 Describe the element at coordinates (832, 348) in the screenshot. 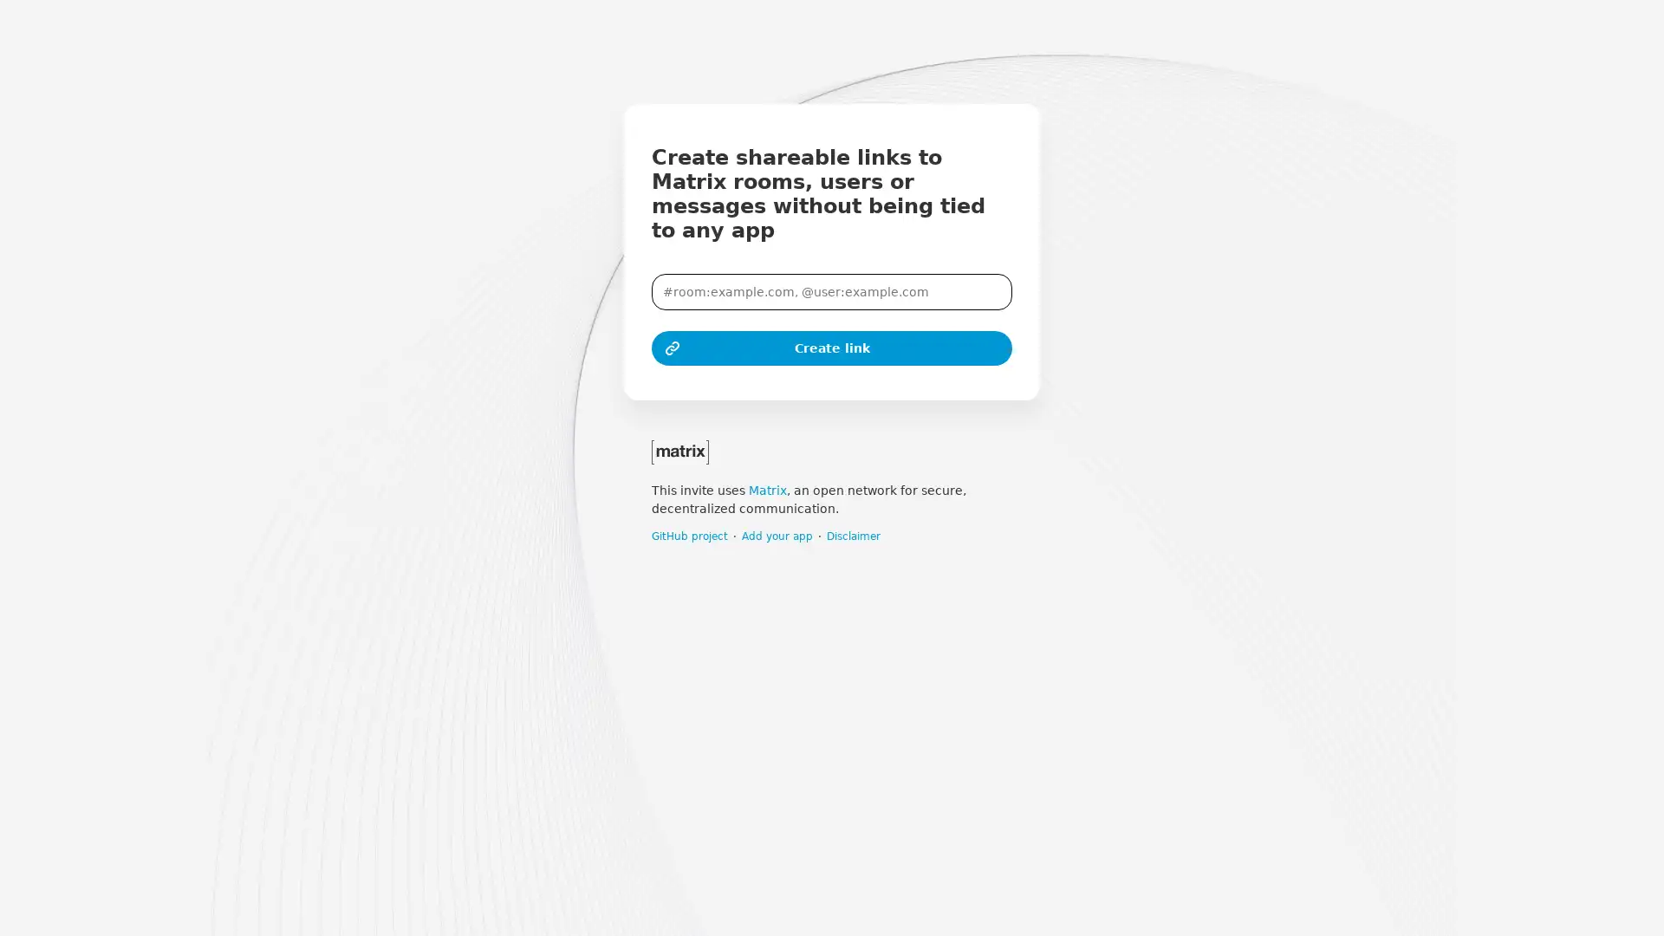

I see `Create link` at that location.